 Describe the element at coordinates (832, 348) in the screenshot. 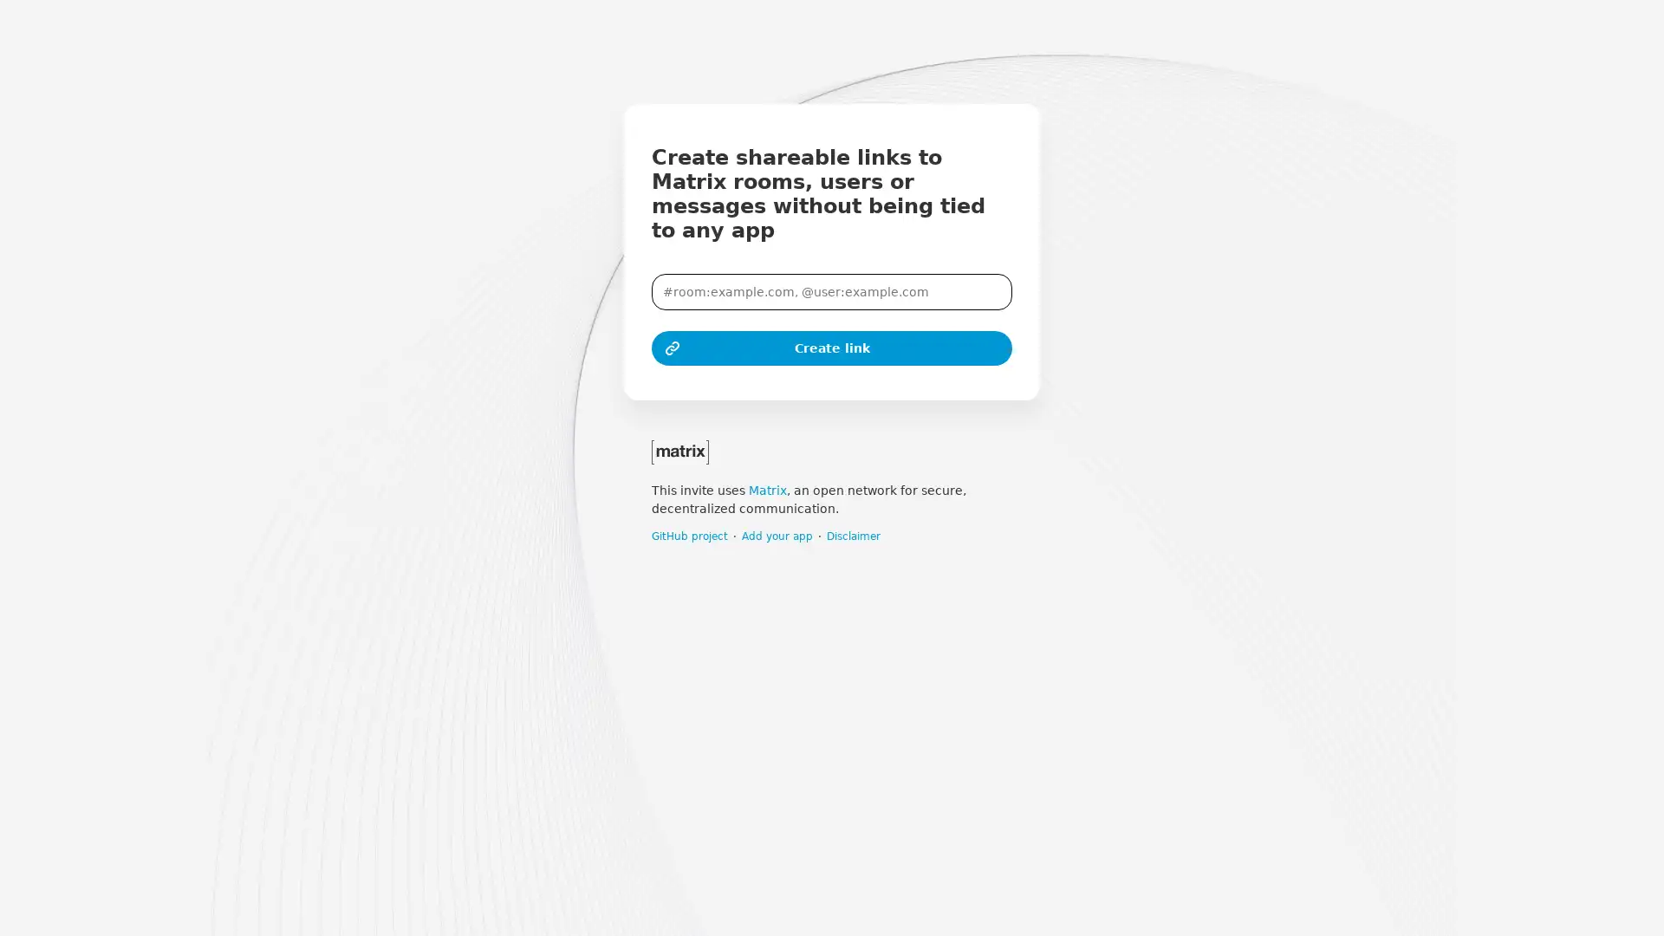

I see `Create link` at that location.